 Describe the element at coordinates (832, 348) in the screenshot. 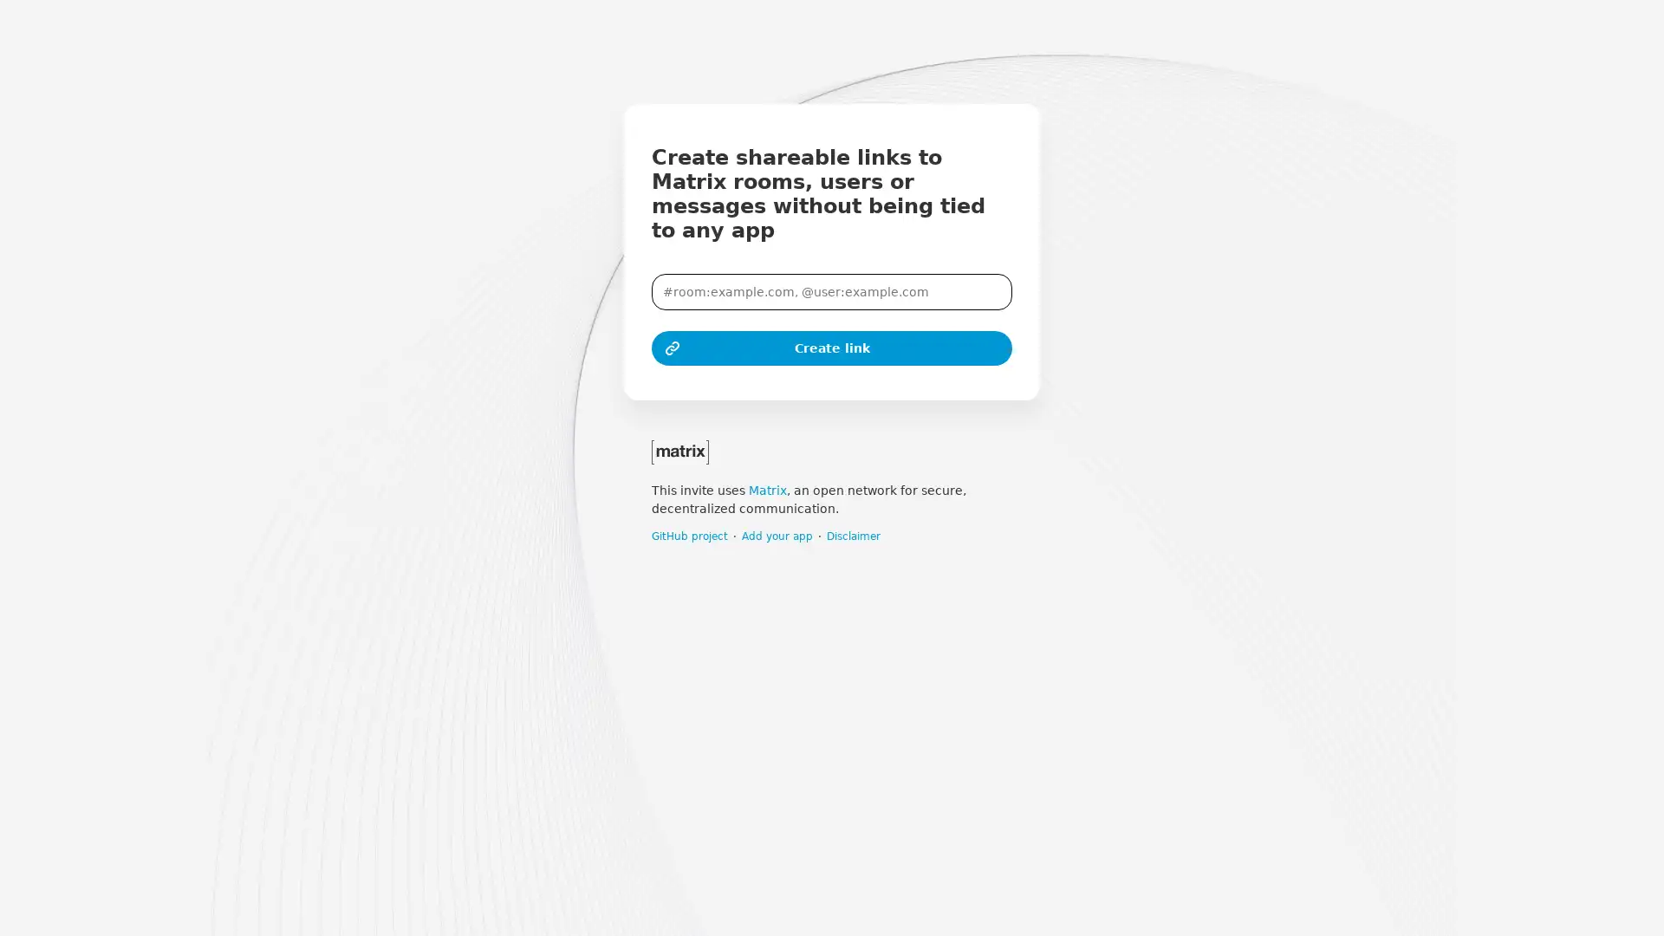

I see `Create link` at that location.